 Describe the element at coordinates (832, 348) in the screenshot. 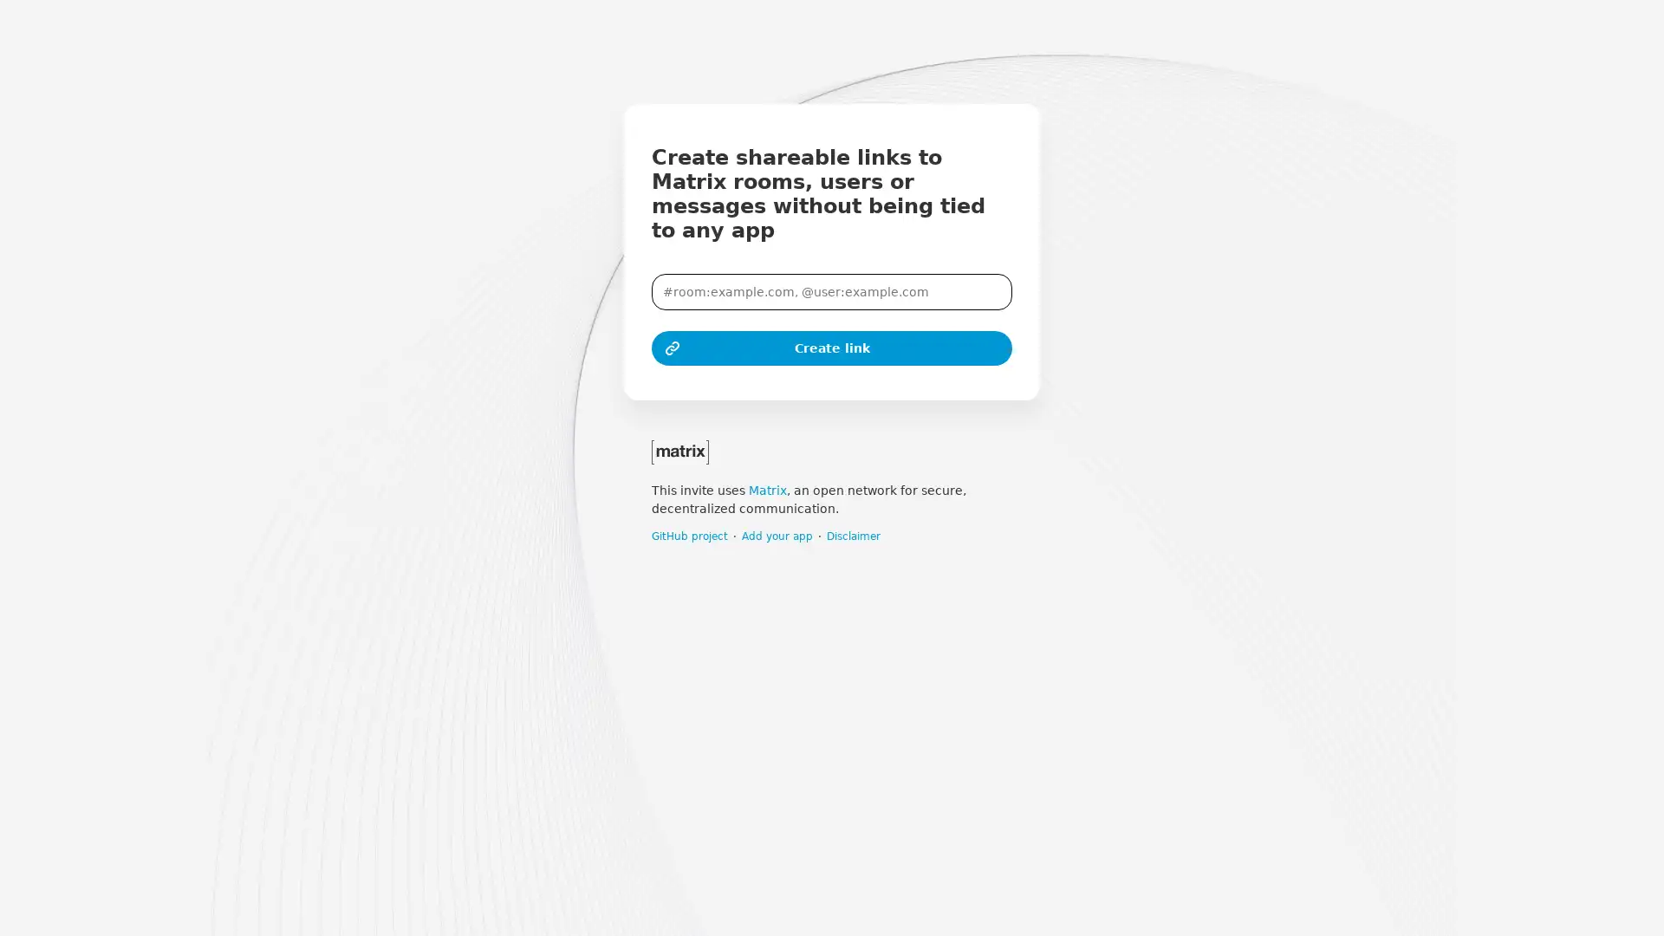

I see `Create link` at that location.